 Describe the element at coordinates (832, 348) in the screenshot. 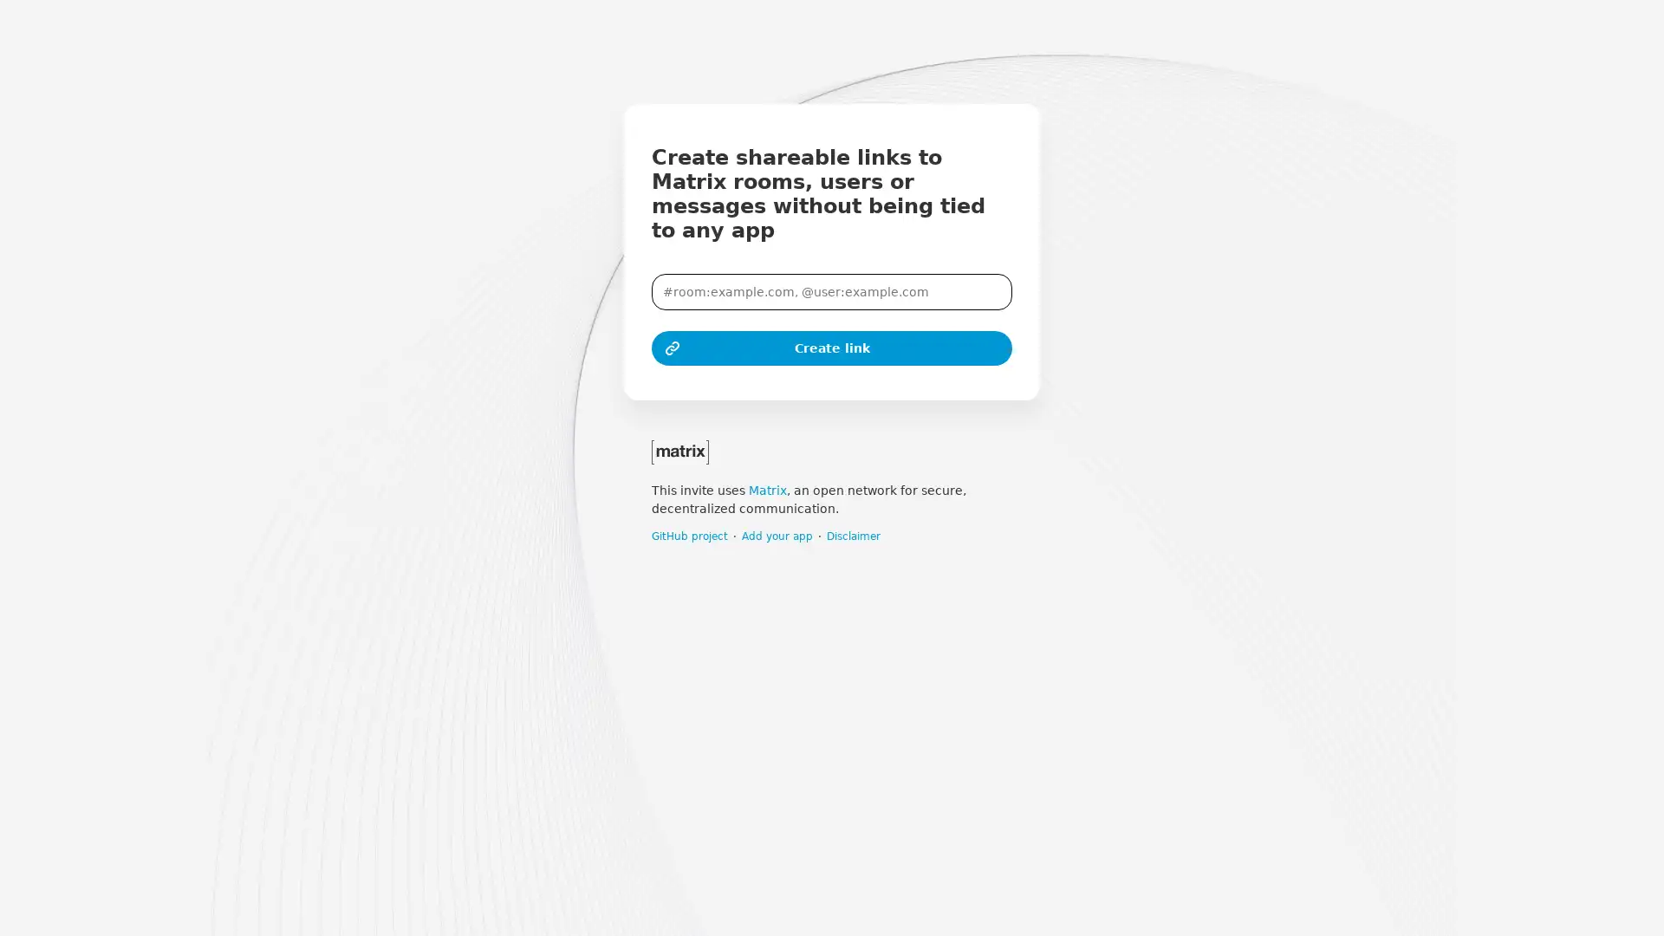

I see `Create link` at that location.